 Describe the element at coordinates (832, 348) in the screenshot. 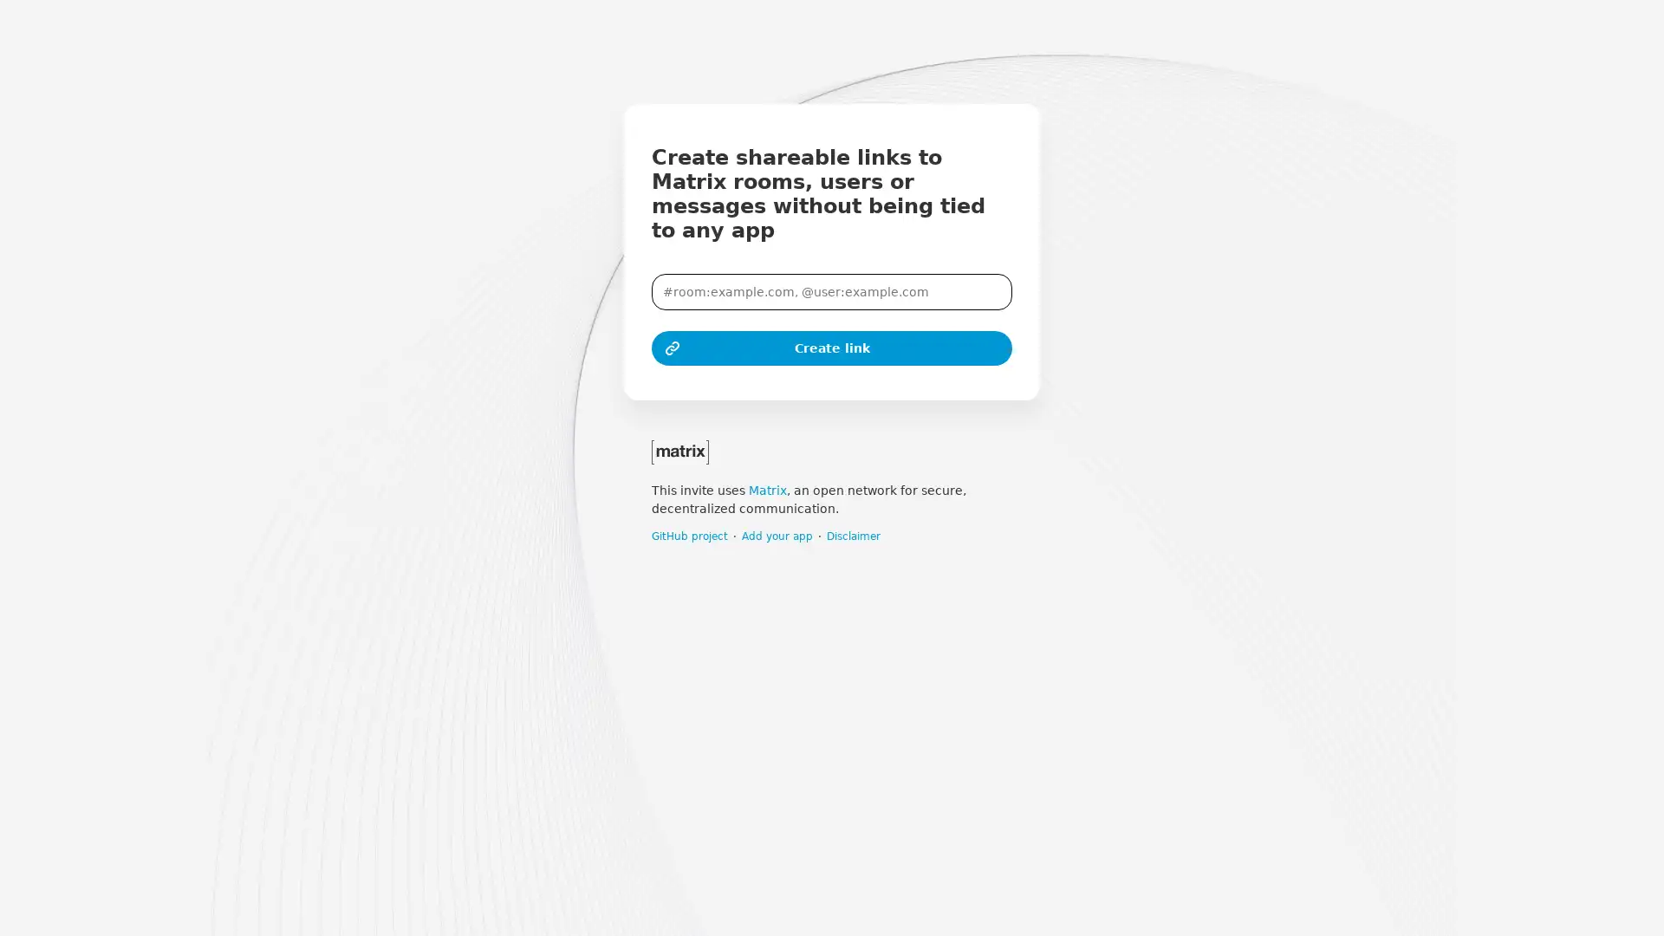

I see `Create link` at that location.